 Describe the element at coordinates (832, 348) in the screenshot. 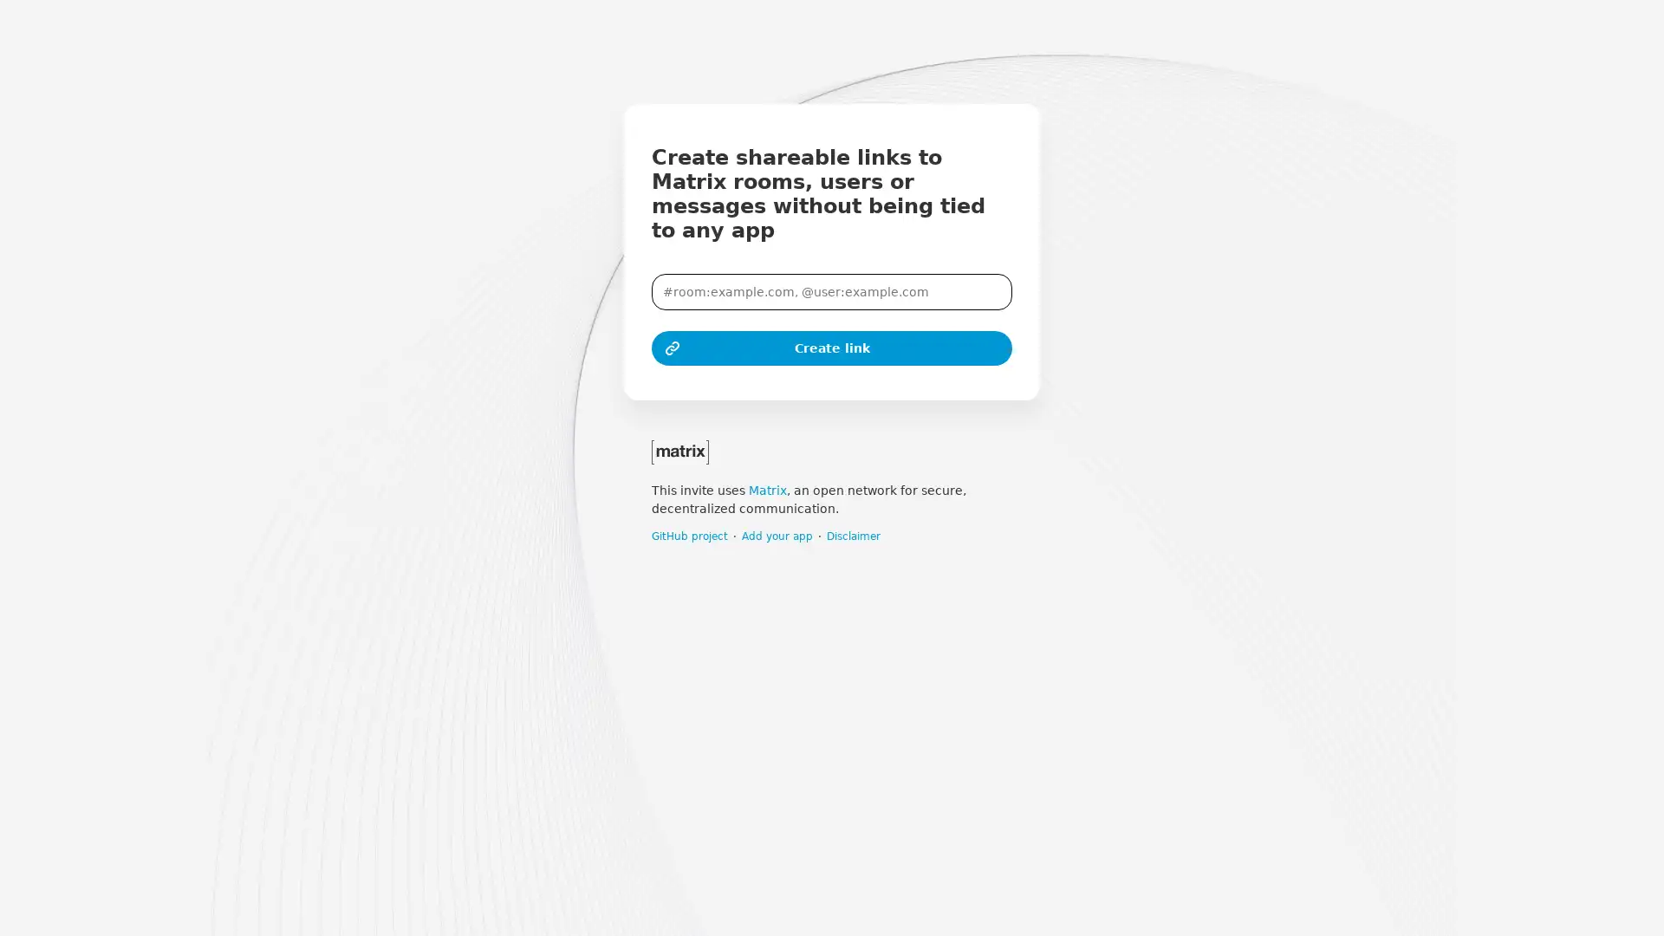

I see `Create link` at that location.